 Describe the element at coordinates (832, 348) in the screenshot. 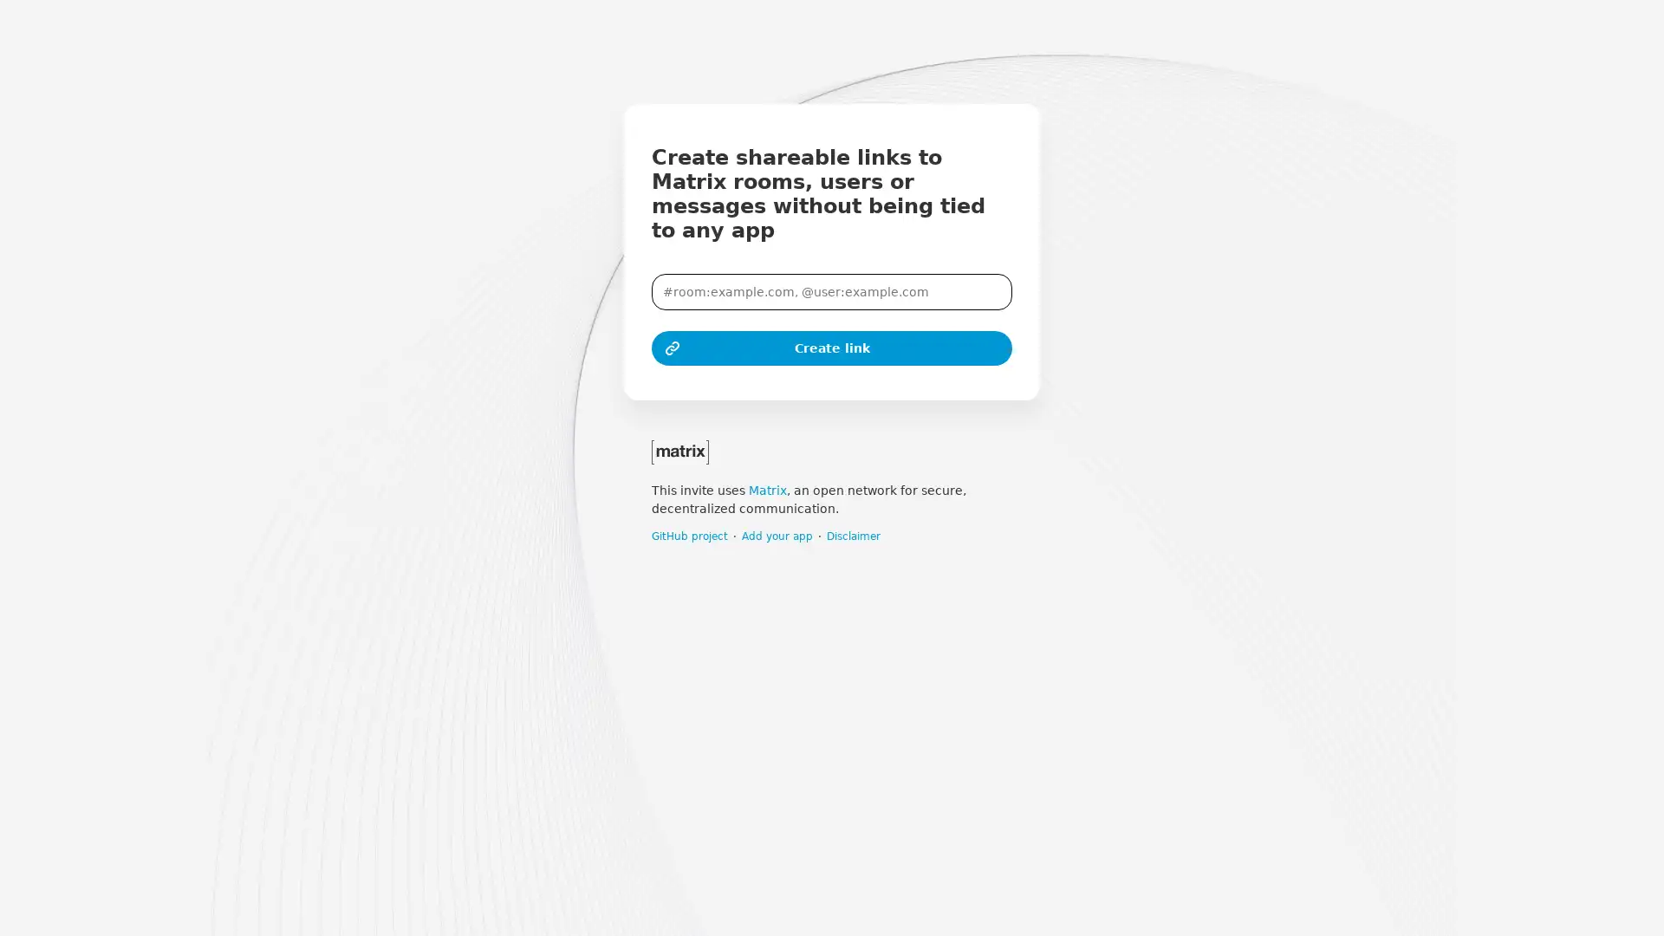

I see `Create link` at that location.